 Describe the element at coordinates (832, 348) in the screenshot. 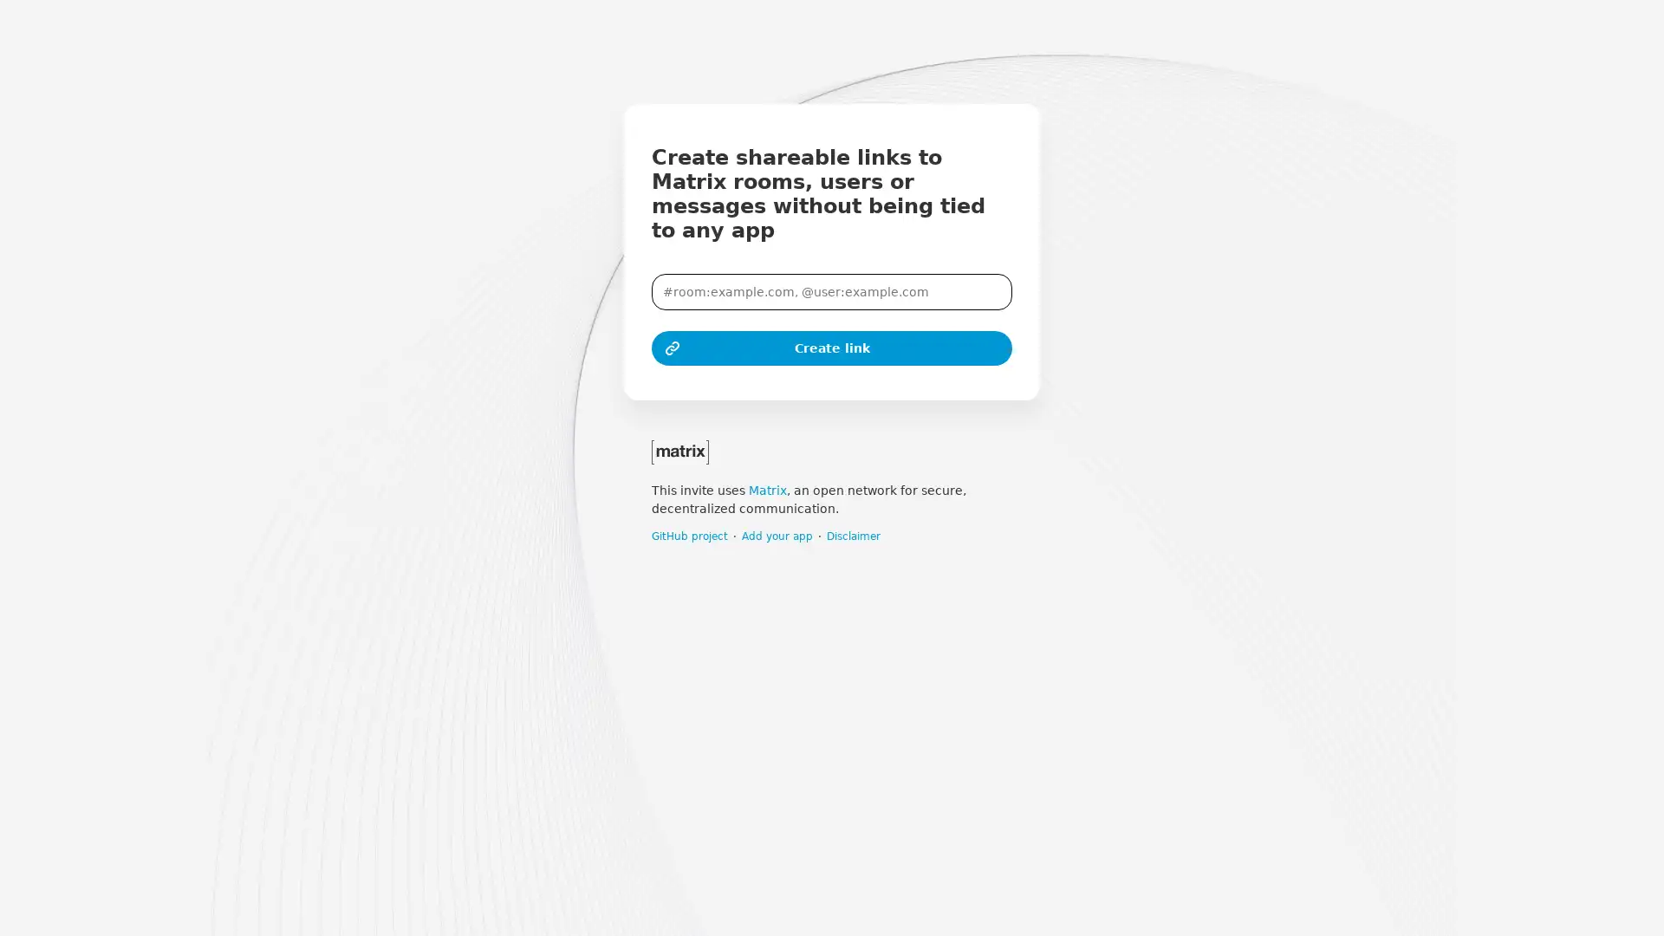

I see `Create link` at that location.